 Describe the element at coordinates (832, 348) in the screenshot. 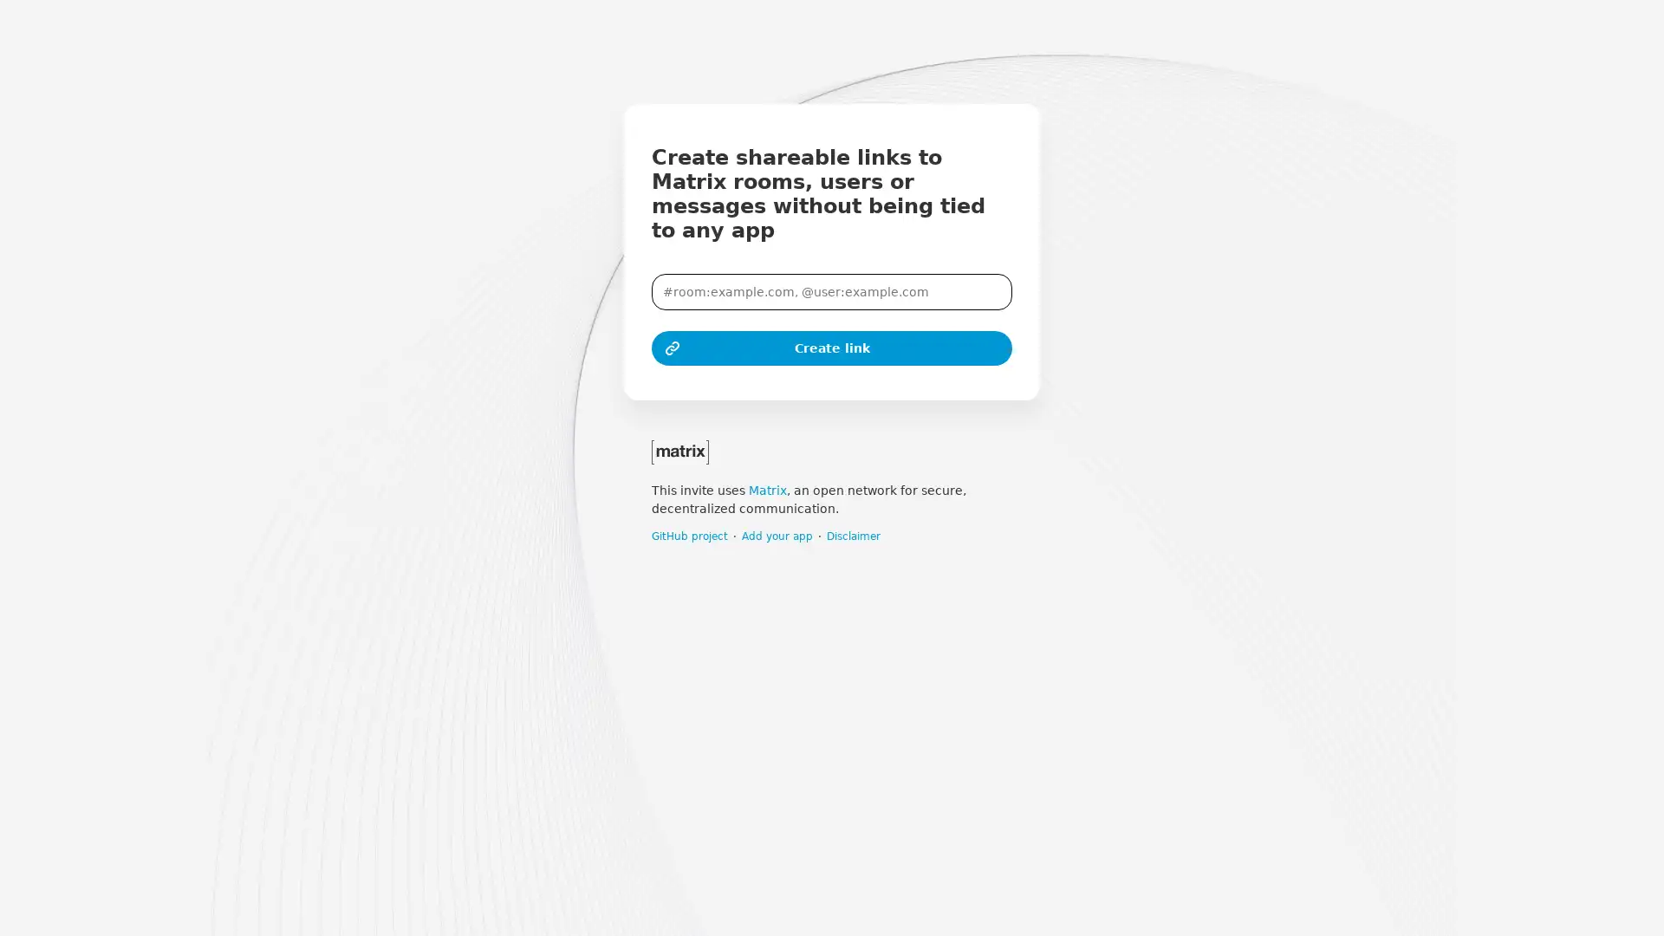

I see `Create link` at that location.